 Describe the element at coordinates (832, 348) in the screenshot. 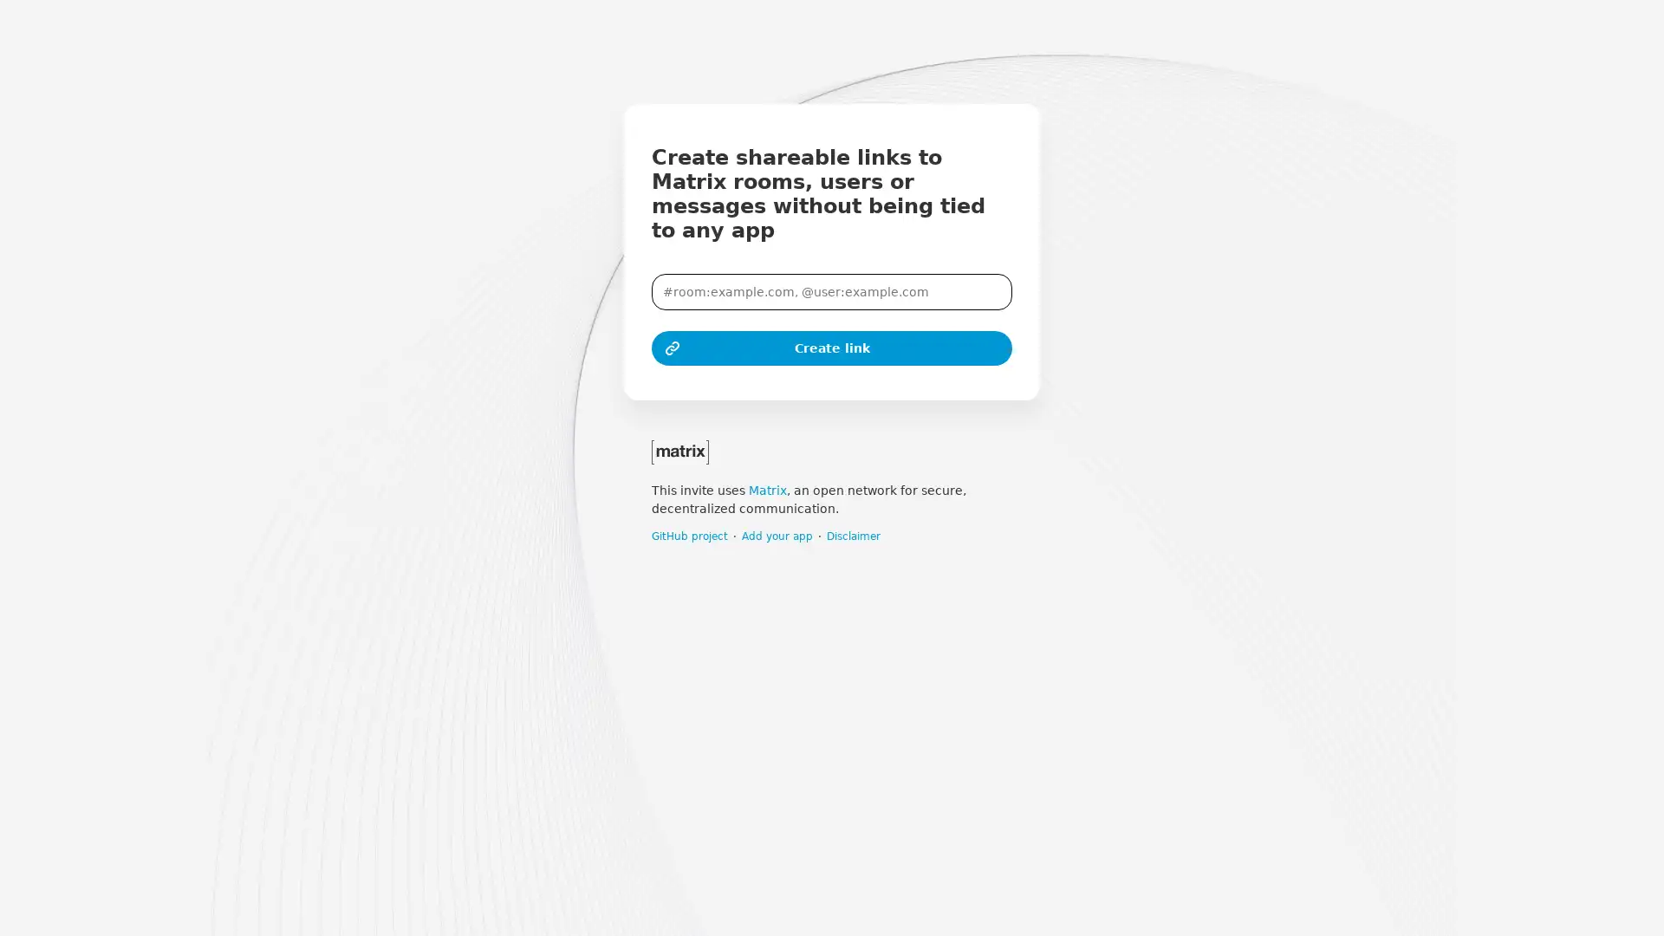

I see `Create link` at that location.